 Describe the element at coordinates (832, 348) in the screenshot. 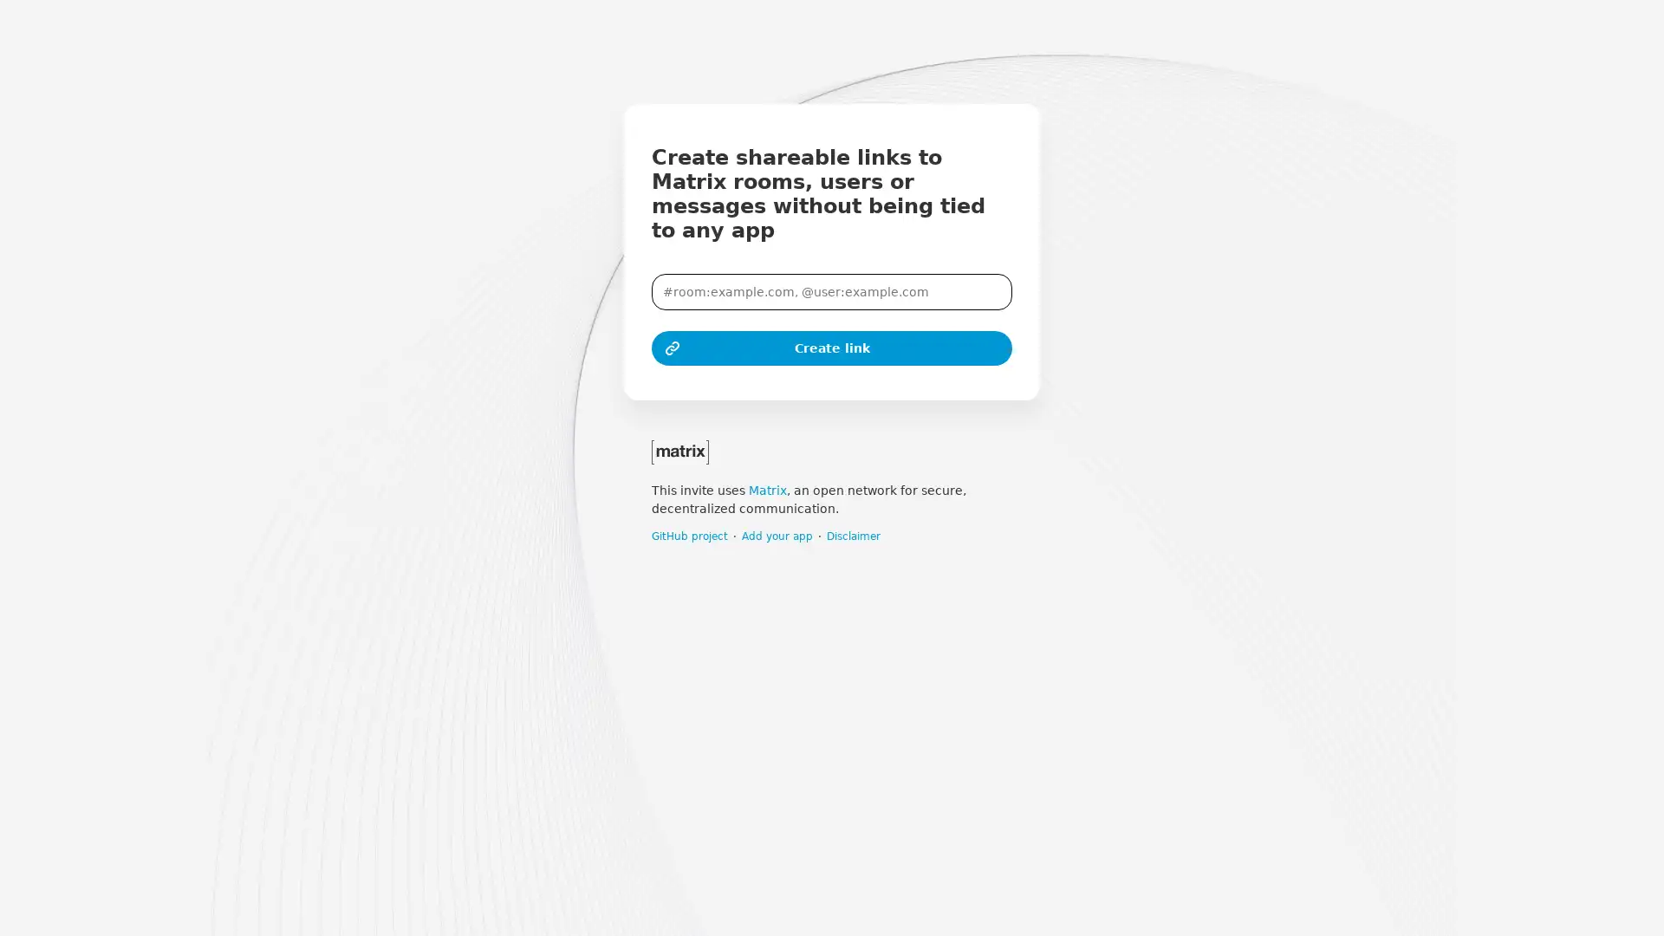

I see `Create link` at that location.